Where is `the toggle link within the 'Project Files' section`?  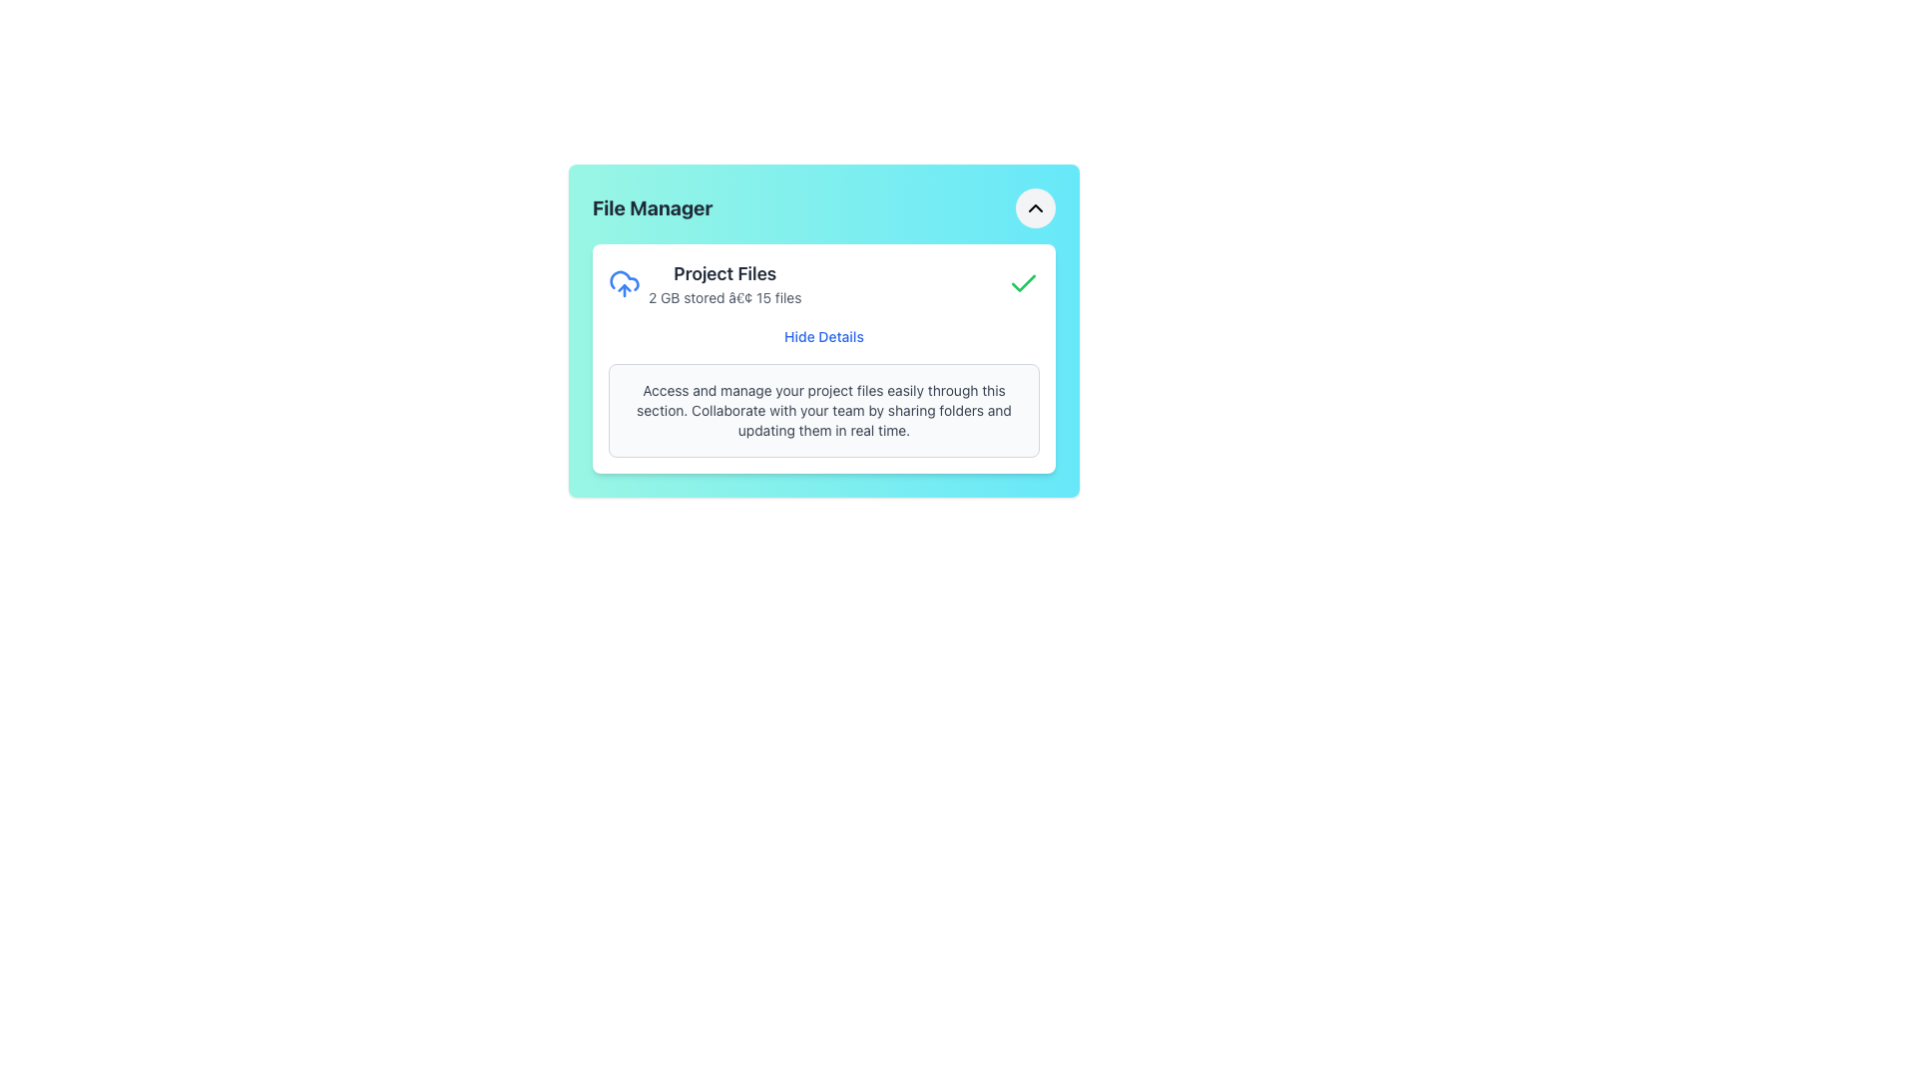
the toggle link within the 'Project Files' section is located at coordinates (823, 336).